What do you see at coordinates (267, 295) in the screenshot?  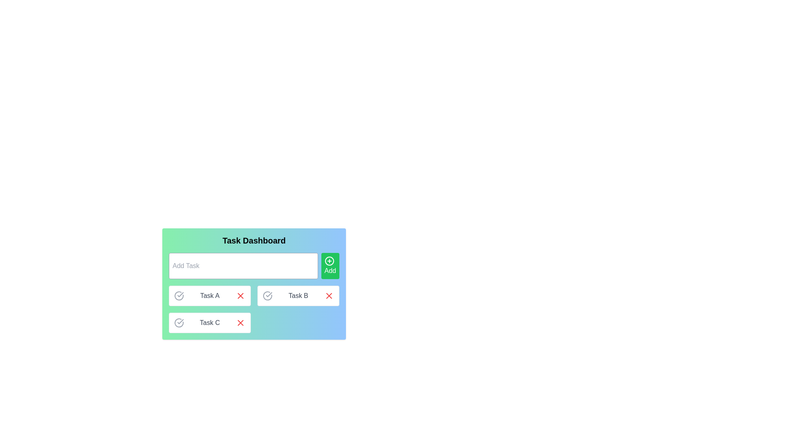 I see `the toggle button or status indicator` at bounding box center [267, 295].